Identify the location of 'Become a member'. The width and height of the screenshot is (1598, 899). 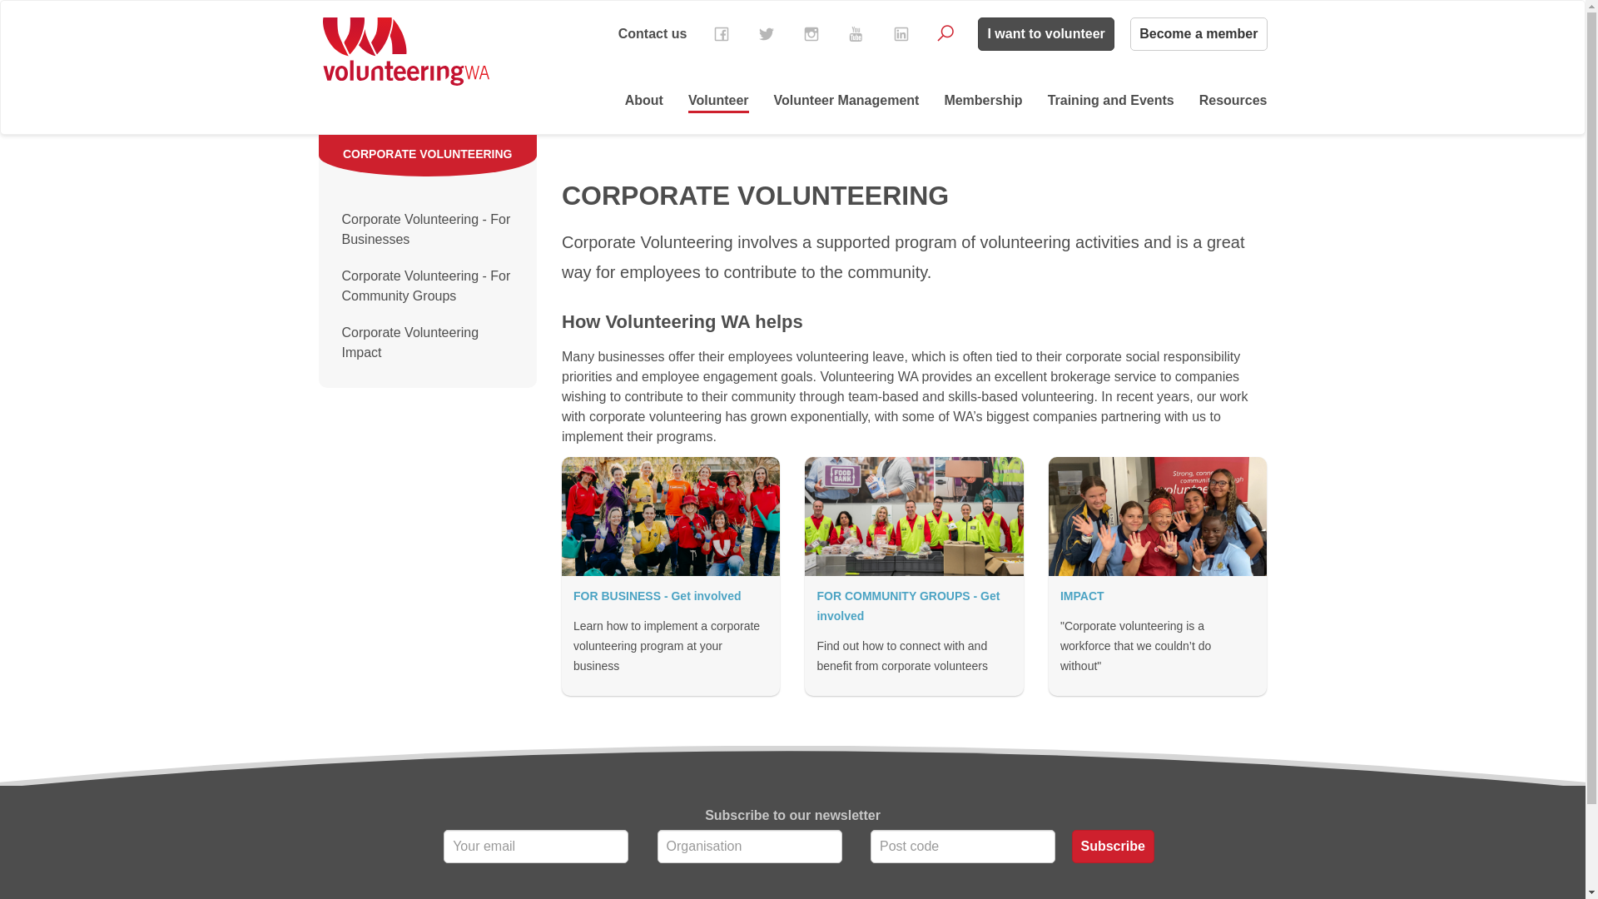
(1198, 34).